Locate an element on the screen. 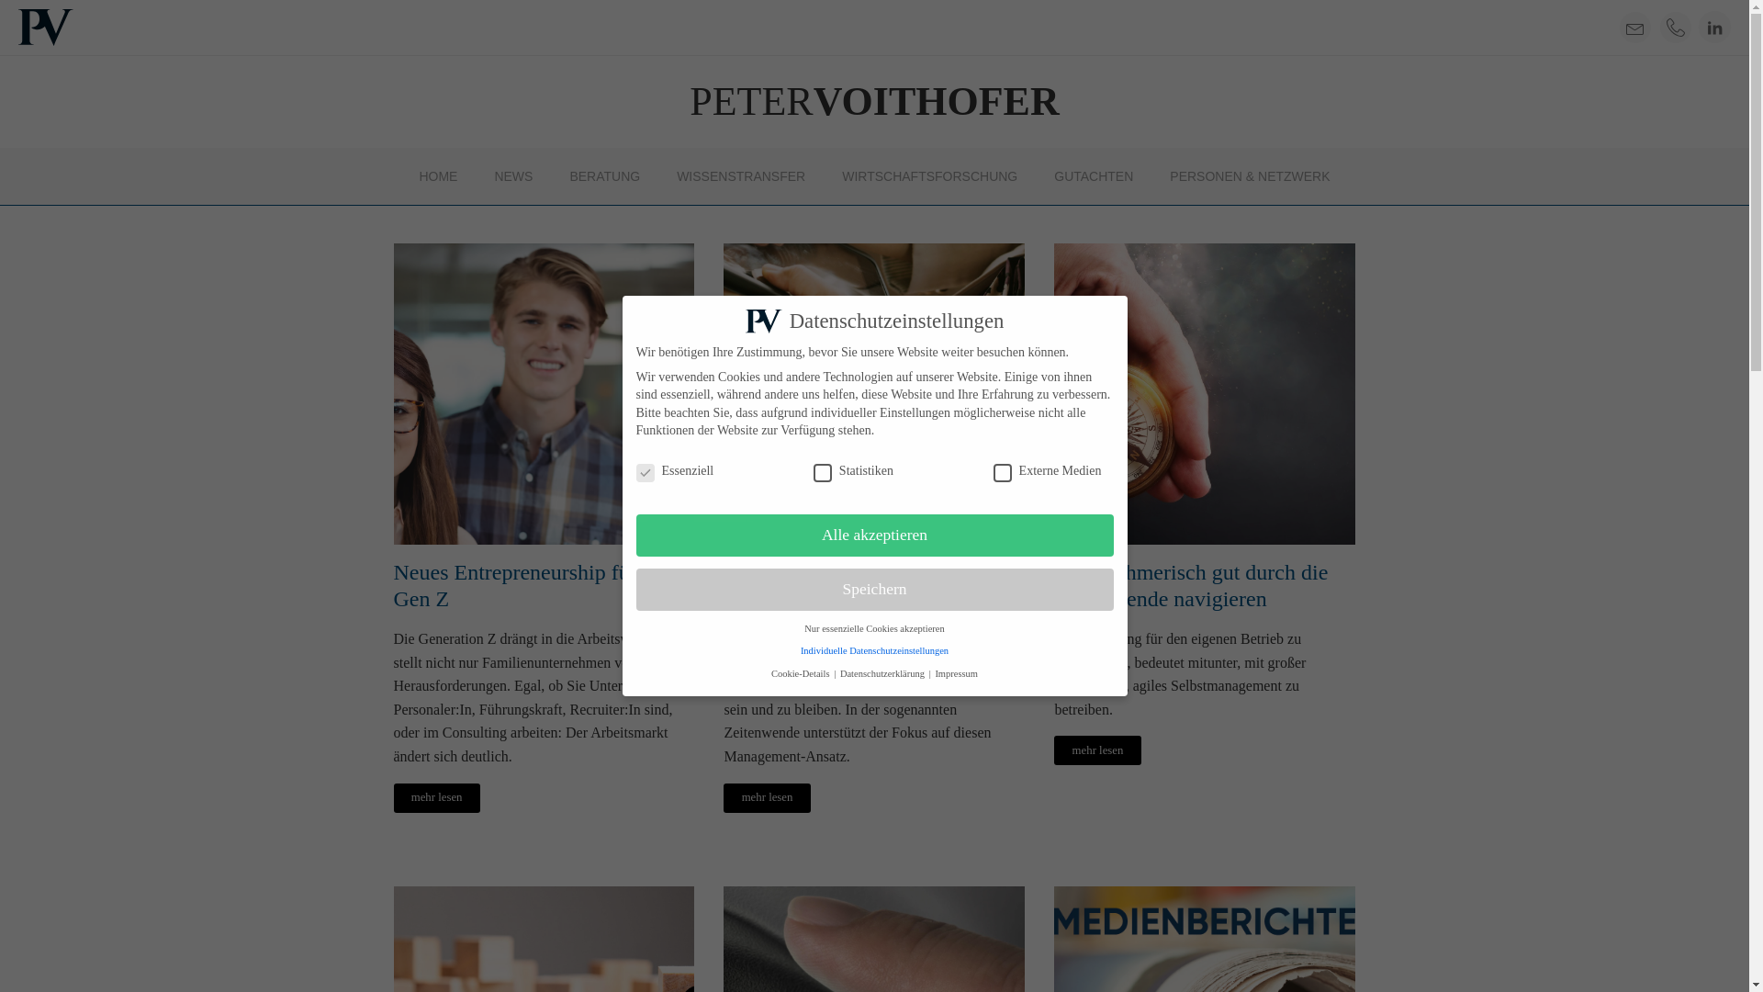 This screenshot has height=992, width=1763. 'Nur essenzielle Cookies akzeptieren' is located at coordinates (872, 627).